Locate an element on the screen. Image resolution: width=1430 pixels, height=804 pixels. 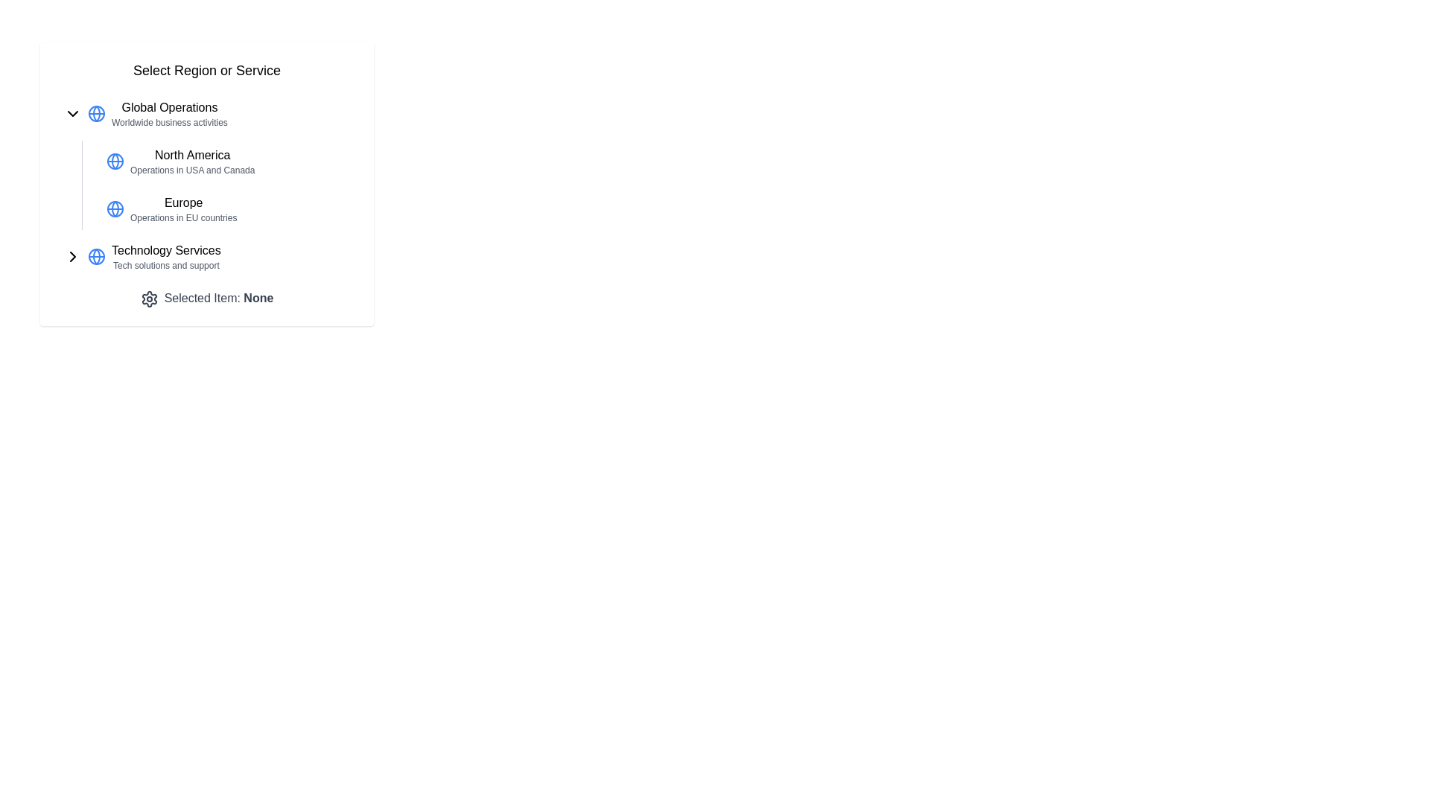
static text label located at the top of the panel, which serves as a header for the options listed below is located at coordinates (206, 71).